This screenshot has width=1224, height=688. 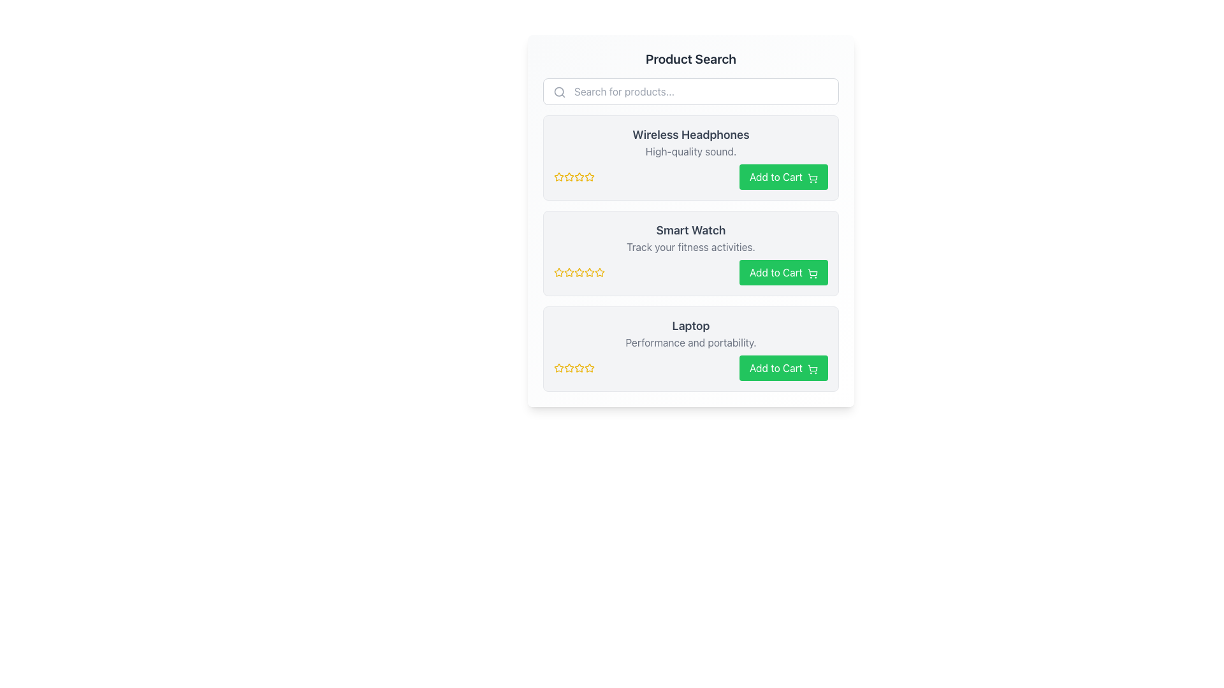 What do you see at coordinates (589, 368) in the screenshot?
I see `the fifth star icon in the rating section of the Laptop product card to rate the product` at bounding box center [589, 368].